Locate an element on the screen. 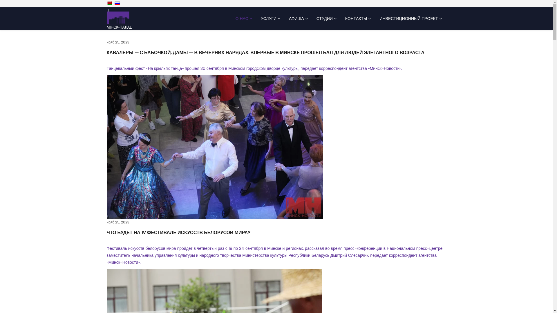 This screenshot has width=557, height=313. 'BY' is located at coordinates (109, 3).